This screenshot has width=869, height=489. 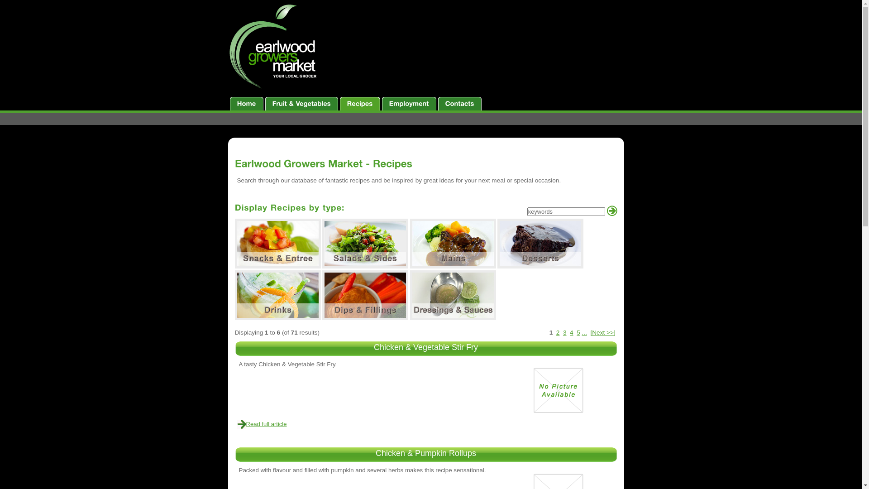 I want to click on '2', so click(x=558, y=332).